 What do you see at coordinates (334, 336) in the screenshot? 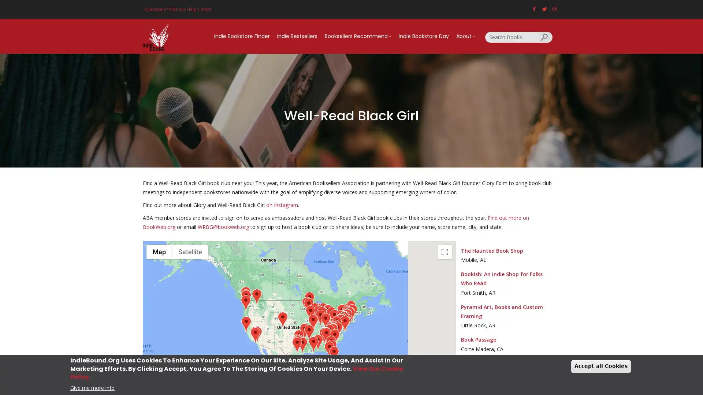
I see `Turning Page Bookshop` at bounding box center [334, 336].